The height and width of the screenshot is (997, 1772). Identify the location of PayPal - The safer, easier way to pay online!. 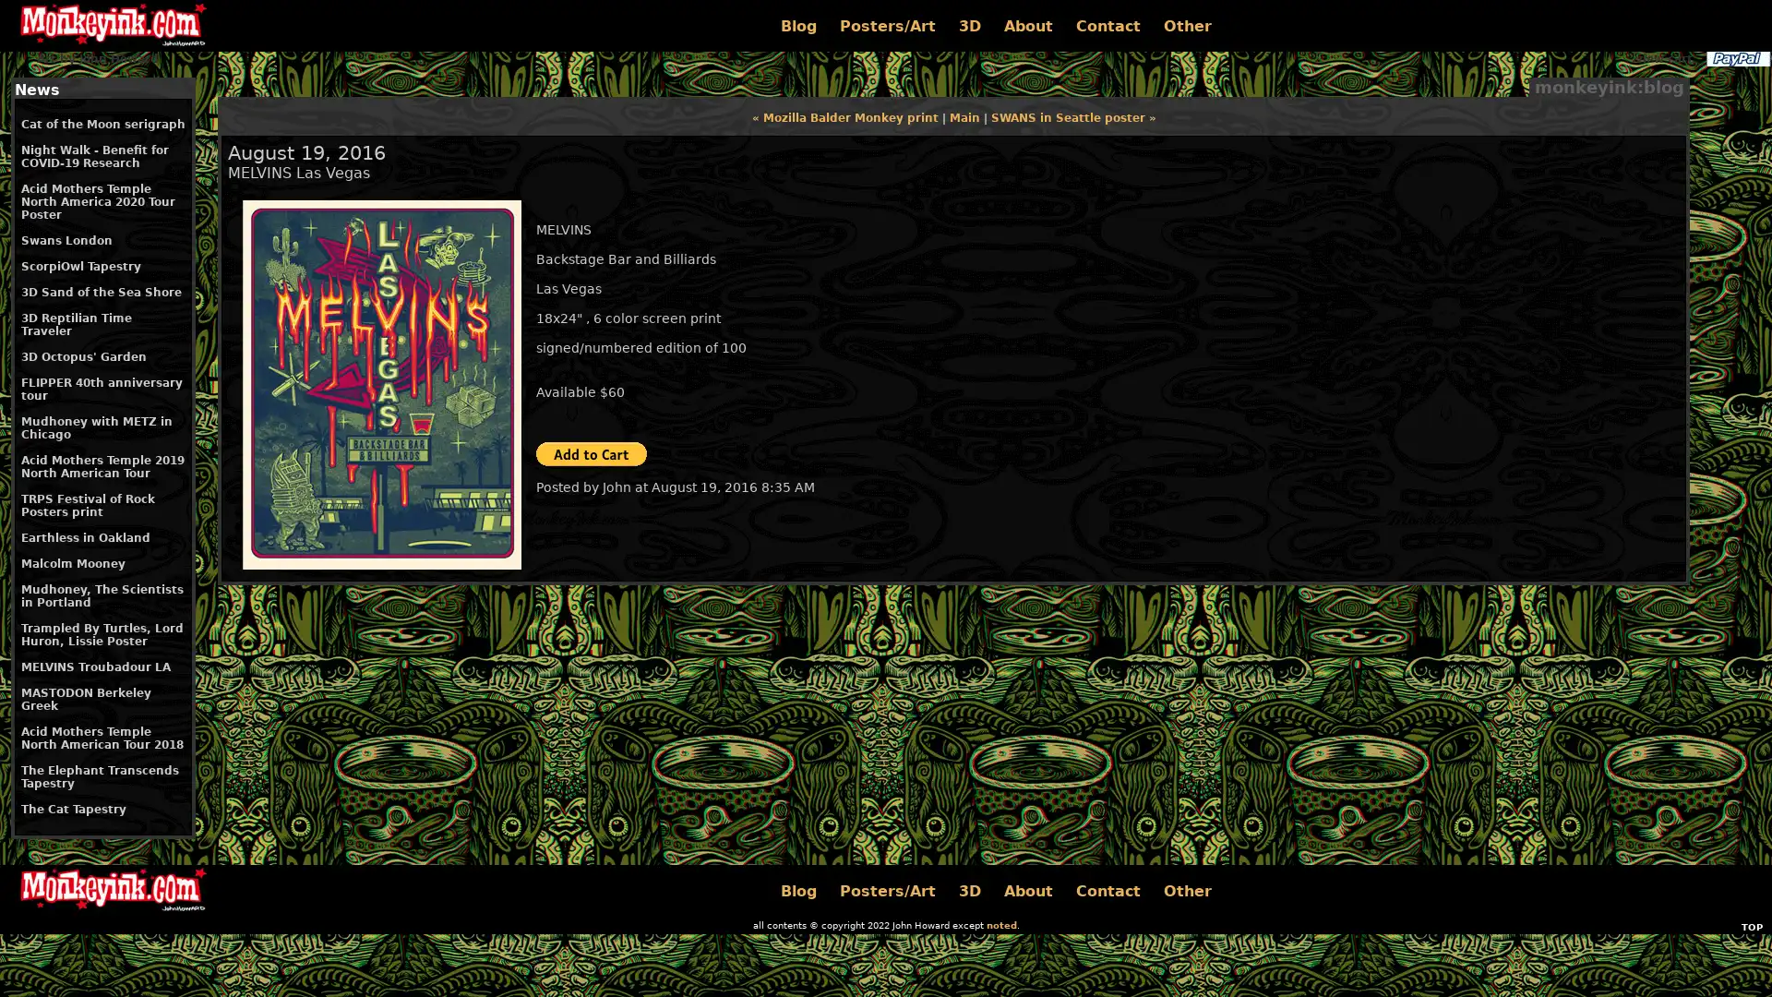
(592, 454).